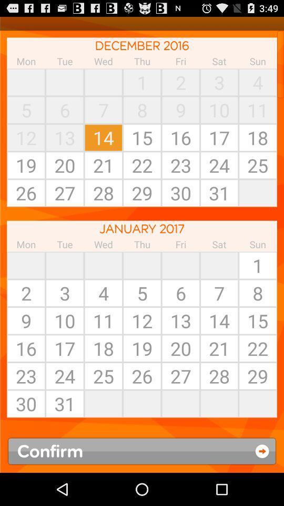 Image resolution: width=284 pixels, height=506 pixels. I want to click on the number 27 which is on tuesday, so click(65, 192).